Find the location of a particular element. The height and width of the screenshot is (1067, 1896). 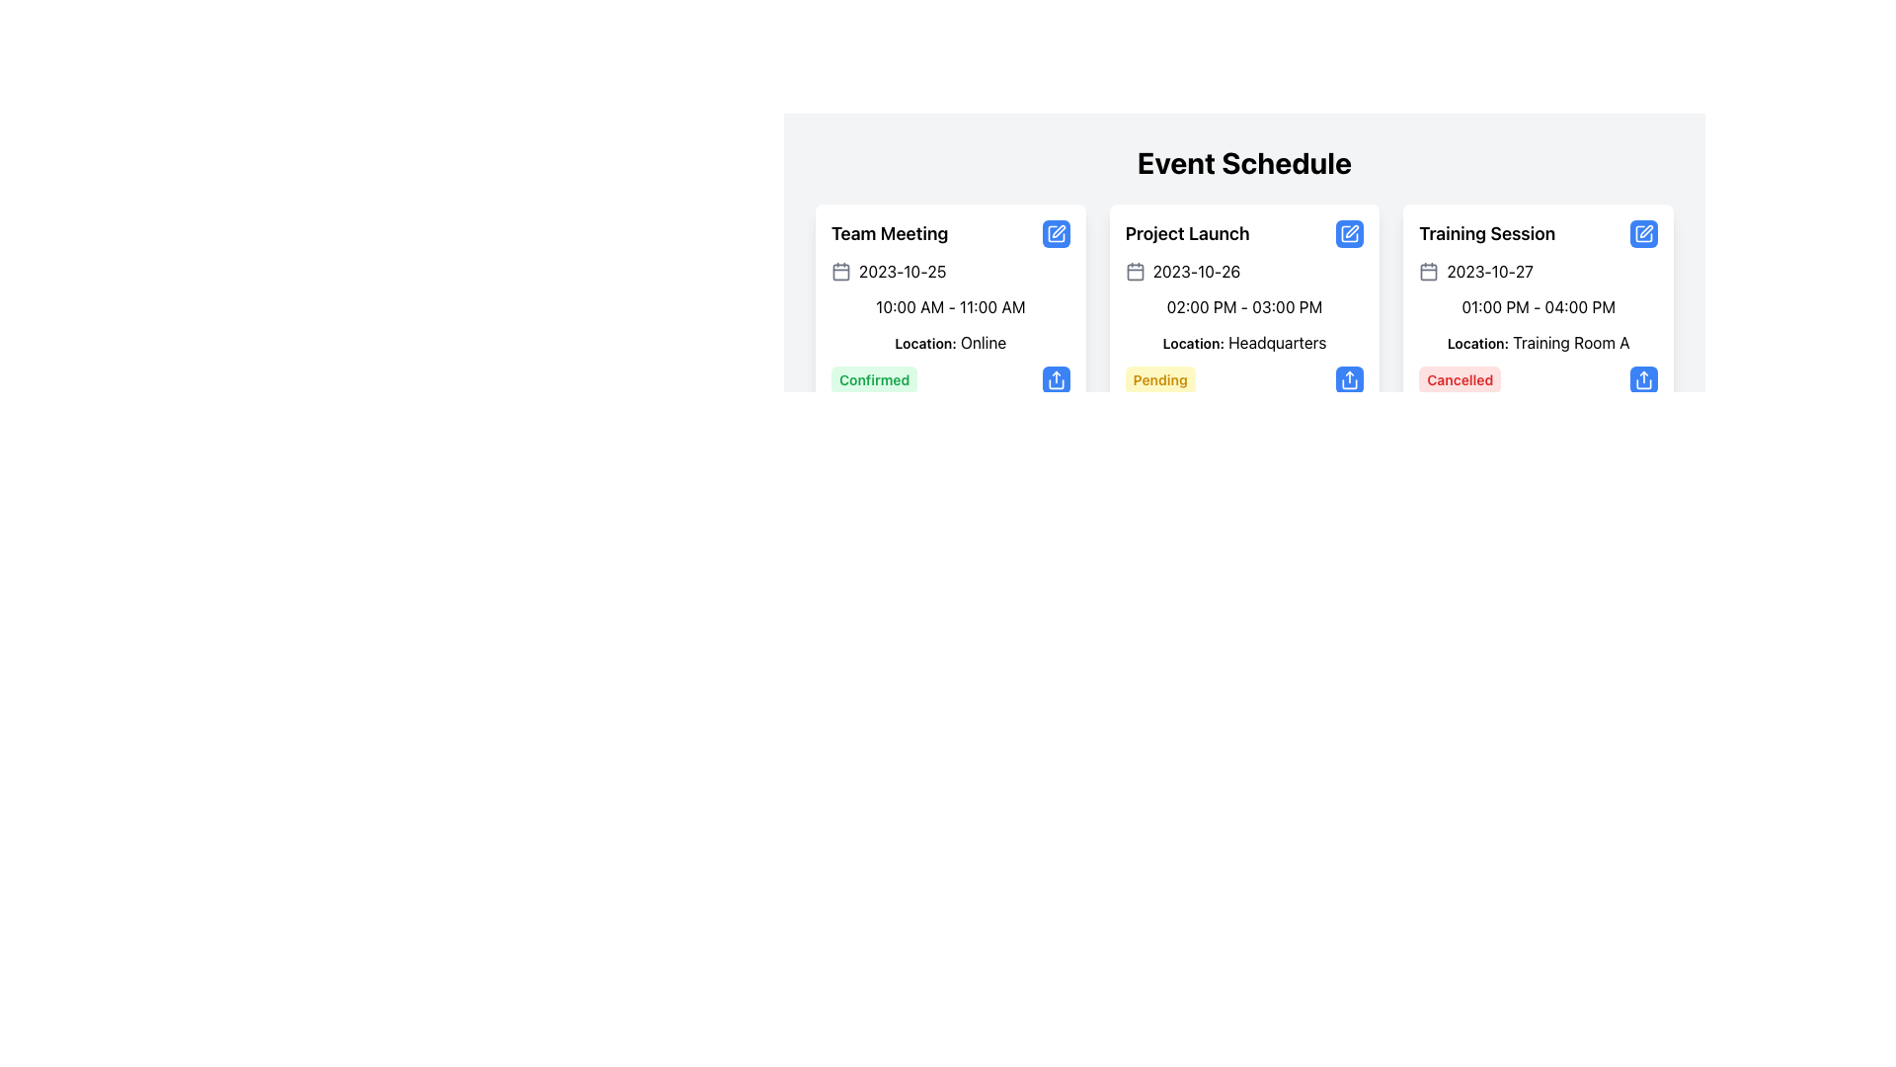

the icon representing a square with a pen, styled in line art format and colored blue, located in the top-right corner of the 'Project Launch' event card is located at coordinates (1349, 232).